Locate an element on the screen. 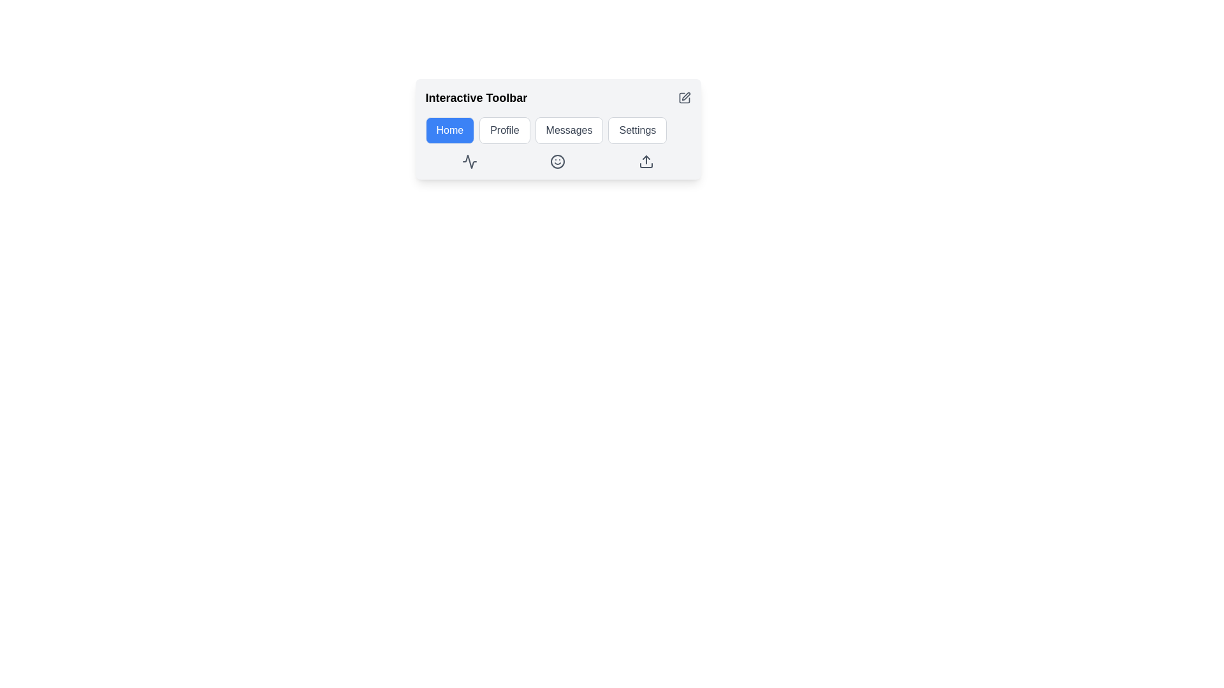 The height and width of the screenshot is (688, 1224). the title header label located at the top-left corner of the toolbar, which summarizes the section below it is located at coordinates (476, 97).